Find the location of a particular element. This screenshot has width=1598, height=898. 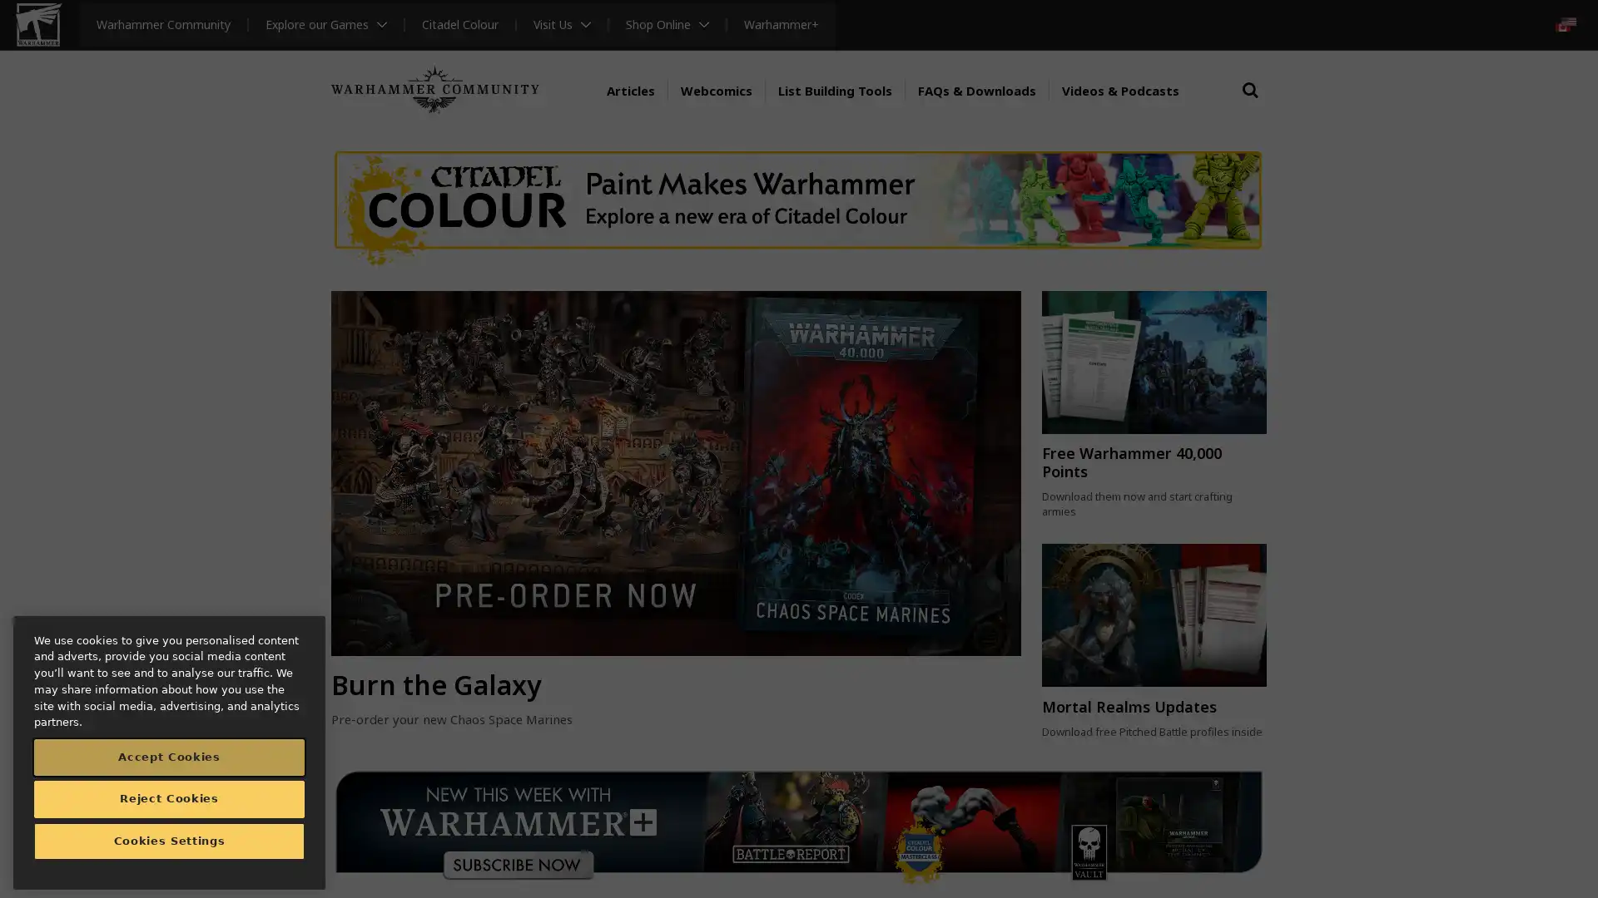

Reject Cookies is located at coordinates (169, 797).